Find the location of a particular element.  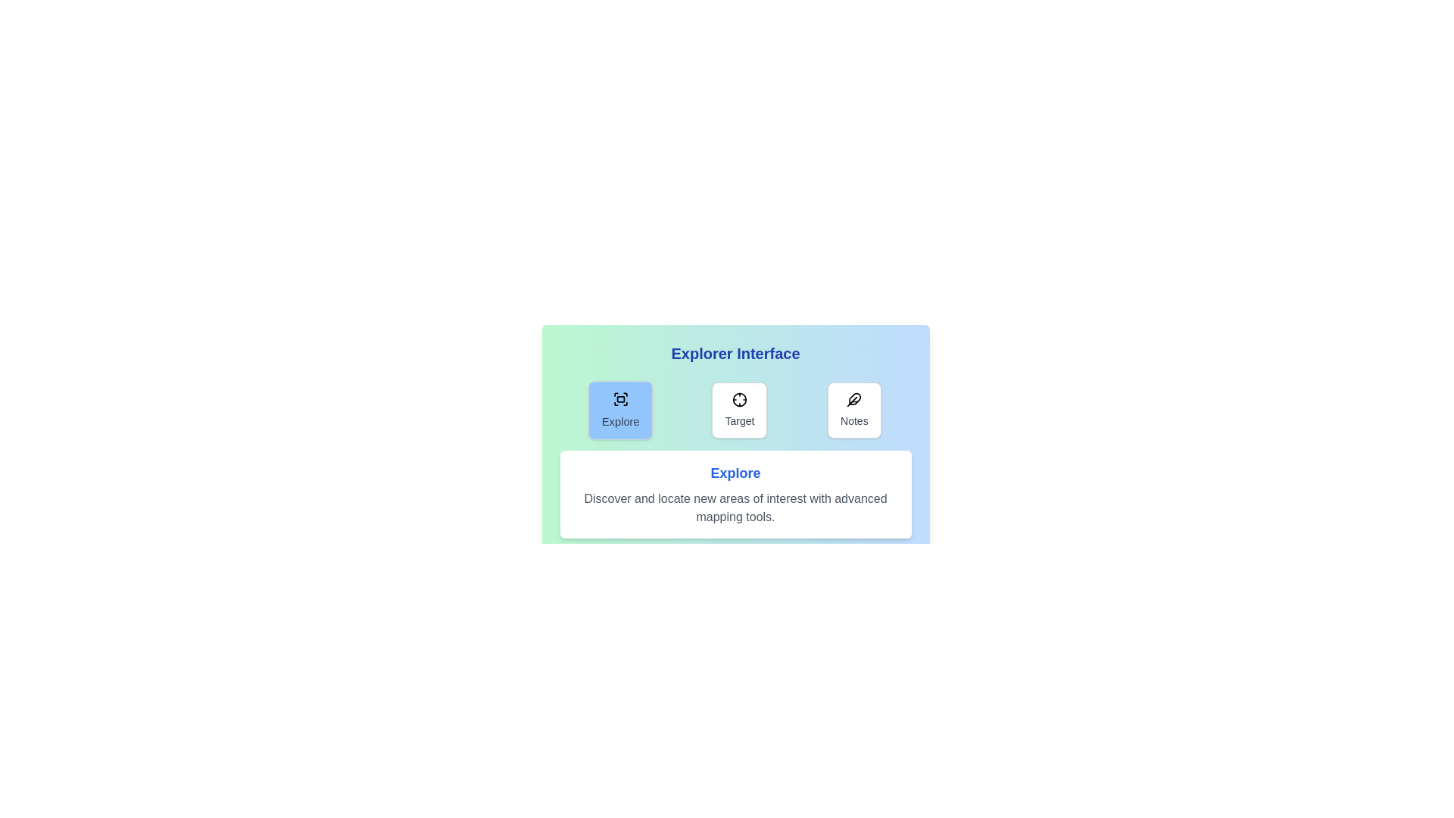

the Explore tab to view its content is located at coordinates (621, 411).